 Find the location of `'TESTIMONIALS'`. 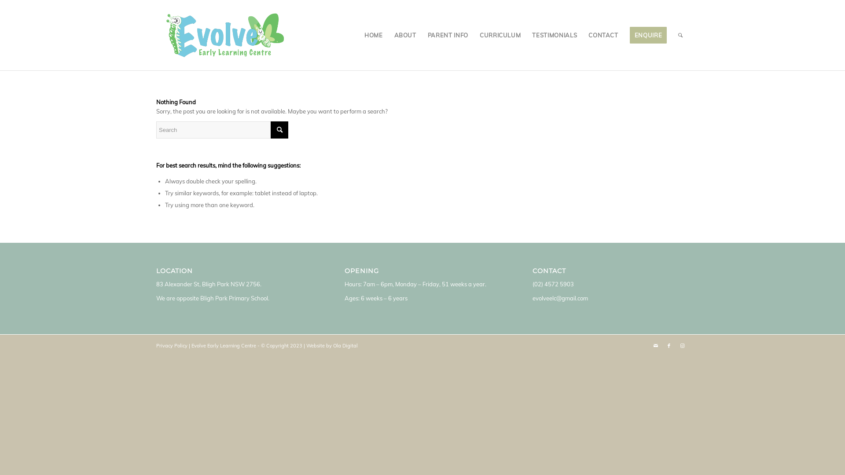

'TESTIMONIALS' is located at coordinates (554, 35).